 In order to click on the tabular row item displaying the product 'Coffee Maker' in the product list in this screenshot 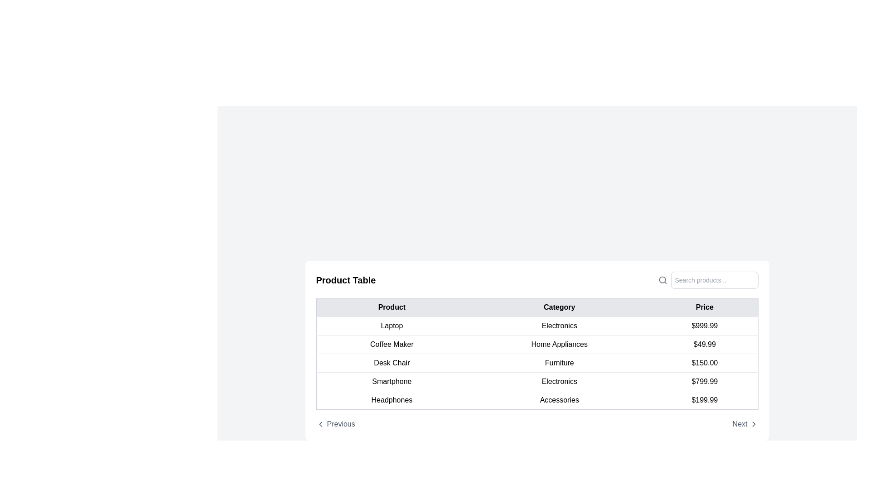, I will do `click(537, 344)`.